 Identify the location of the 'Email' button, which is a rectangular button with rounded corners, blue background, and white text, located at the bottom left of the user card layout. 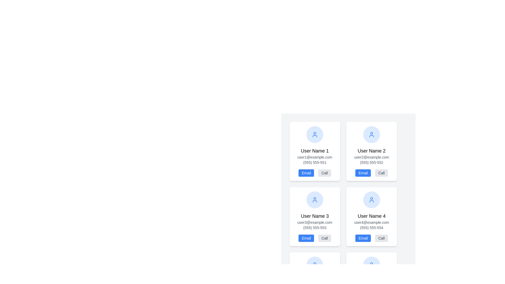
(306, 238).